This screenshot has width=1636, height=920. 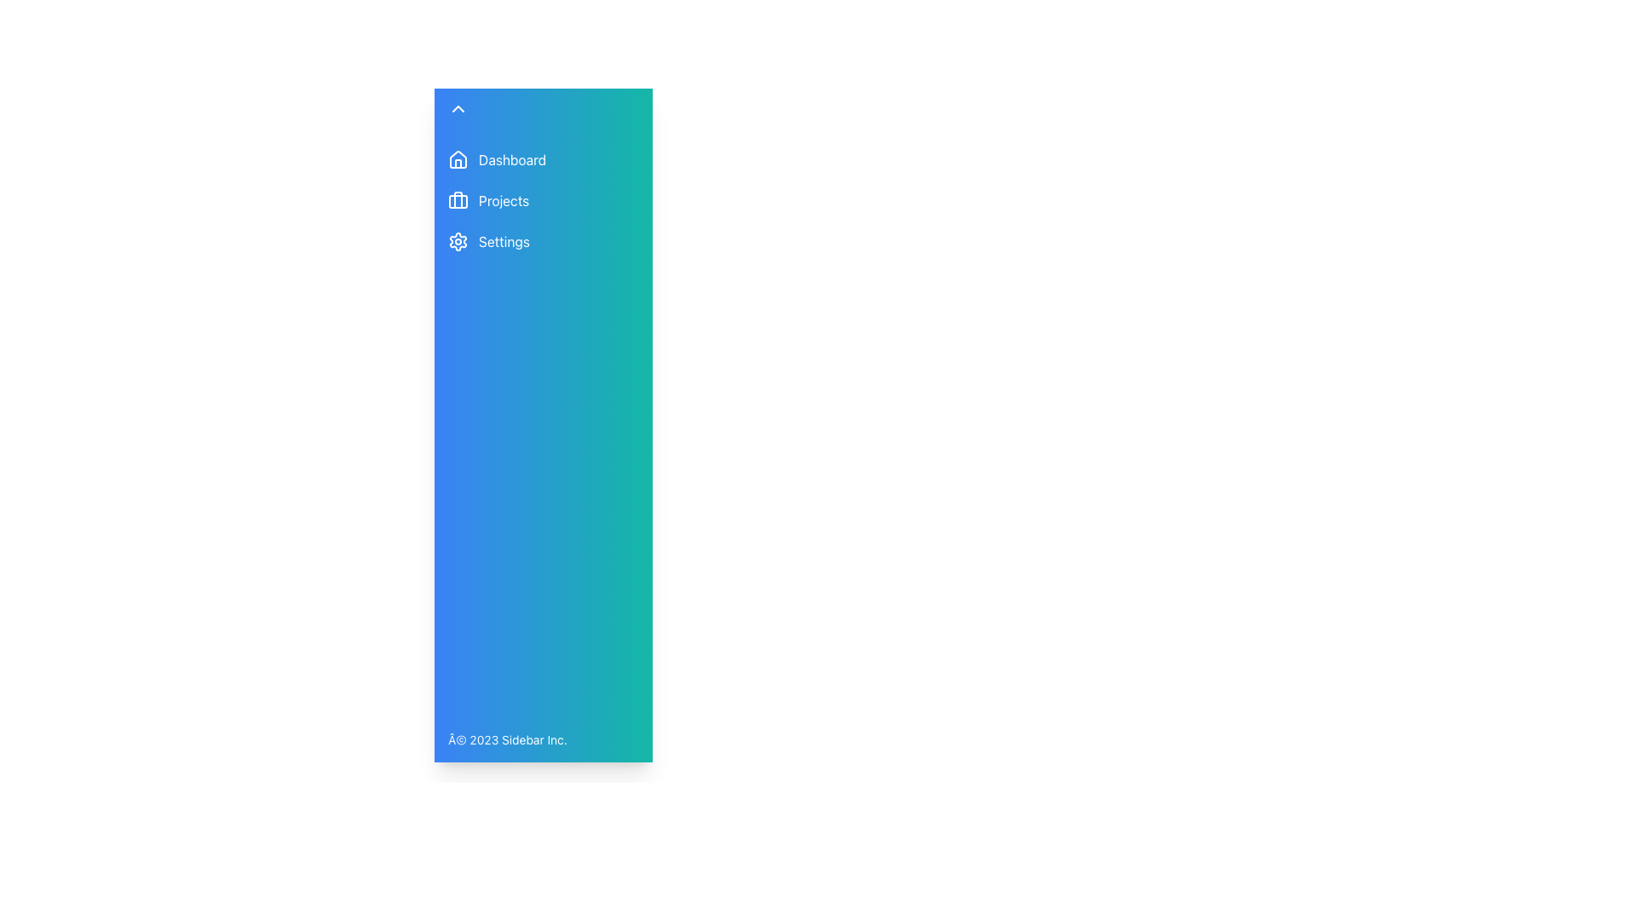 What do you see at coordinates (506, 242) in the screenshot?
I see `the 'Settings' link with icon and label in the vertical navigation bar` at bounding box center [506, 242].